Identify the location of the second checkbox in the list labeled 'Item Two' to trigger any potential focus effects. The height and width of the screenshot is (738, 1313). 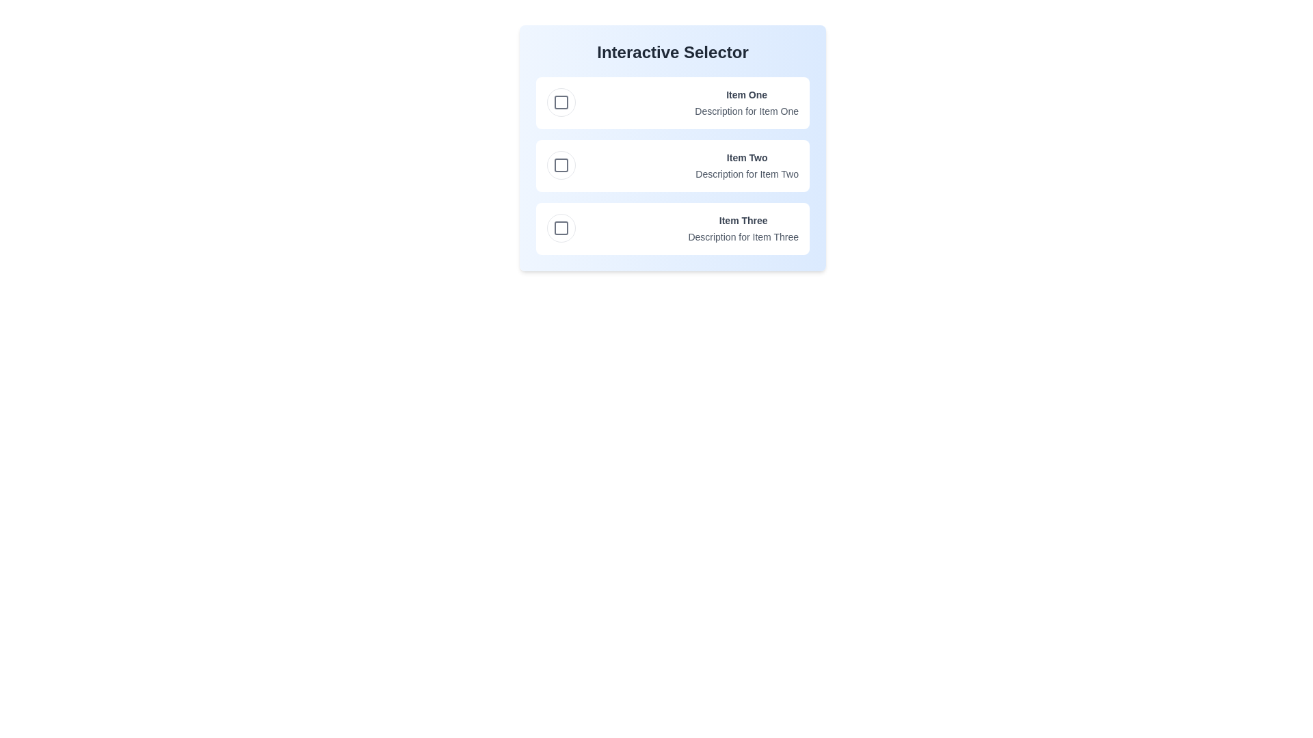
(561, 165).